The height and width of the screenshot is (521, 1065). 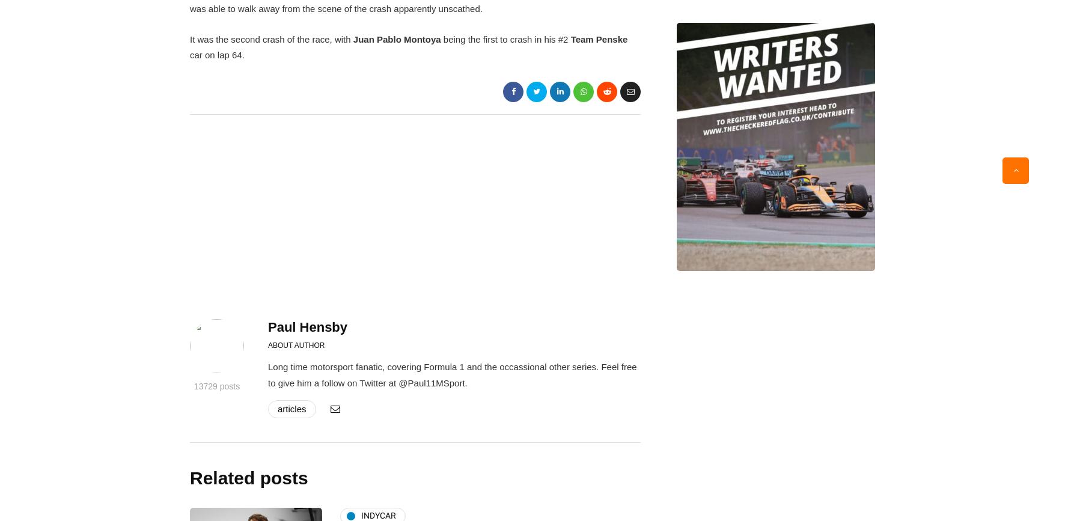 I want to click on 'Juan Pablo Montoya', so click(x=397, y=39).